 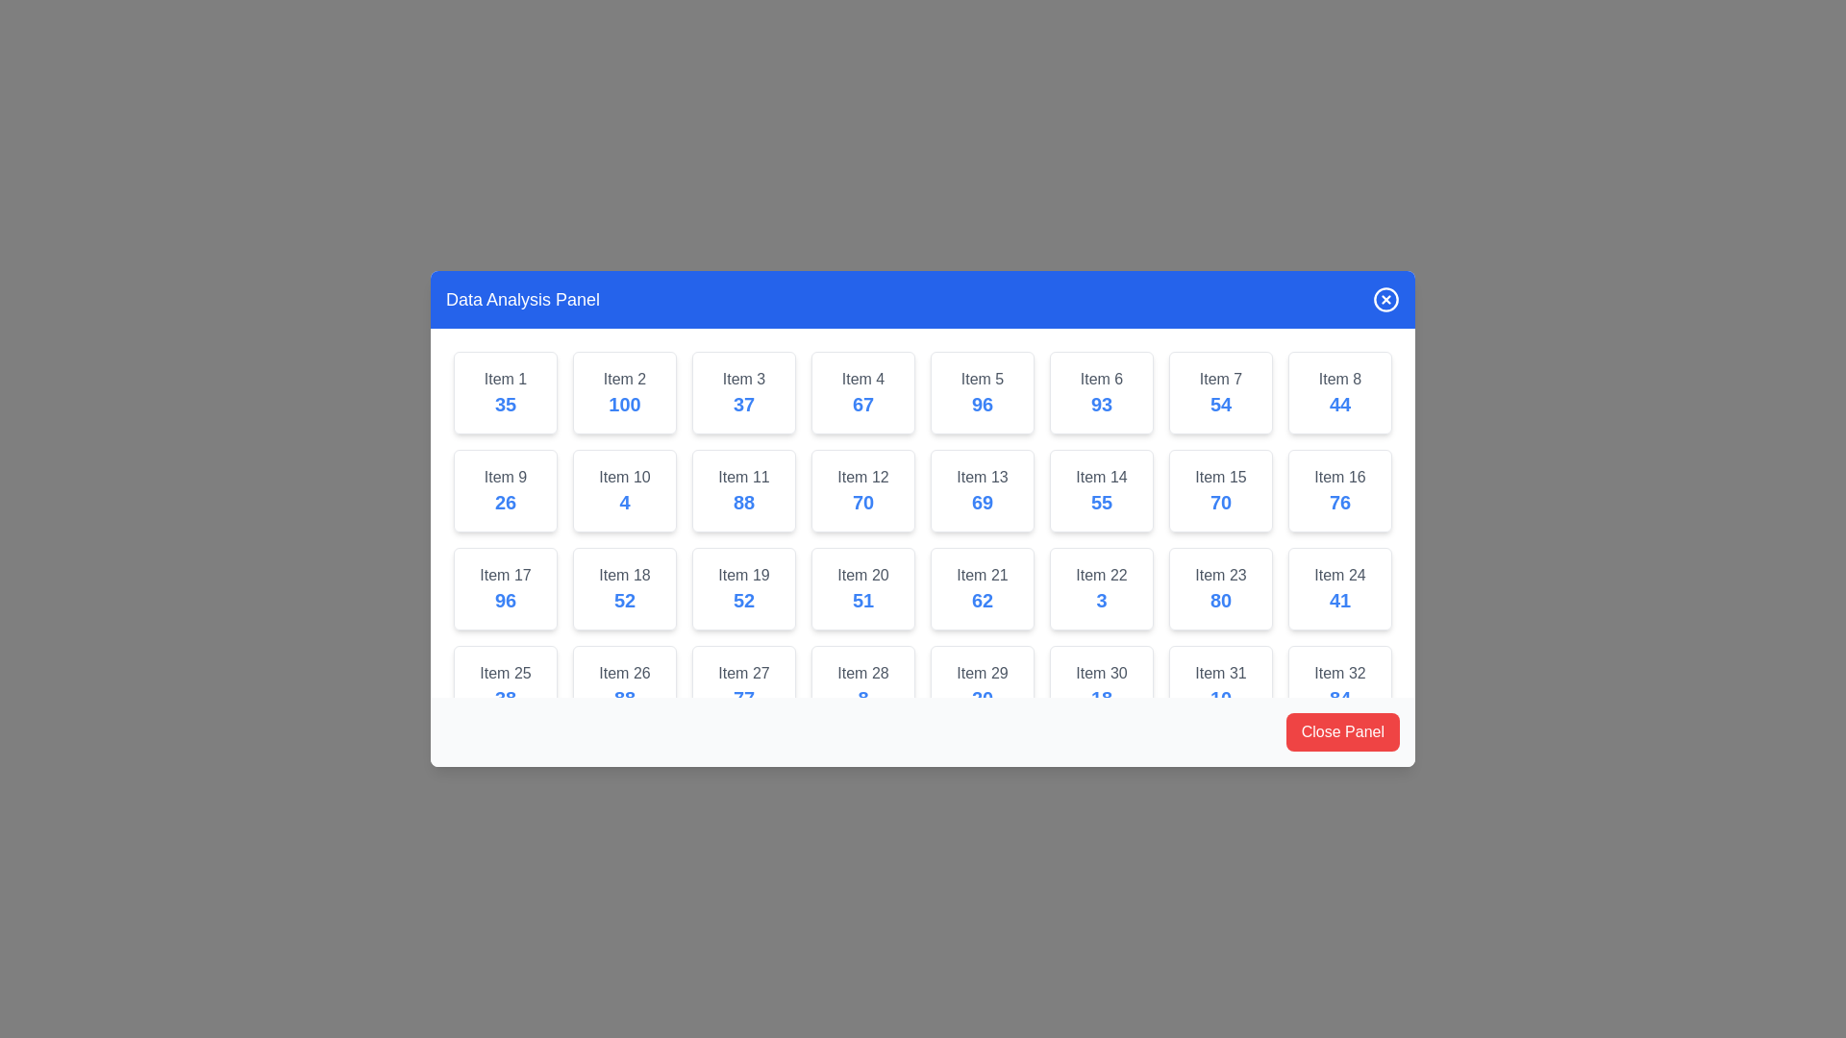 I want to click on the item labeled 'Item 1', so click(x=506, y=391).